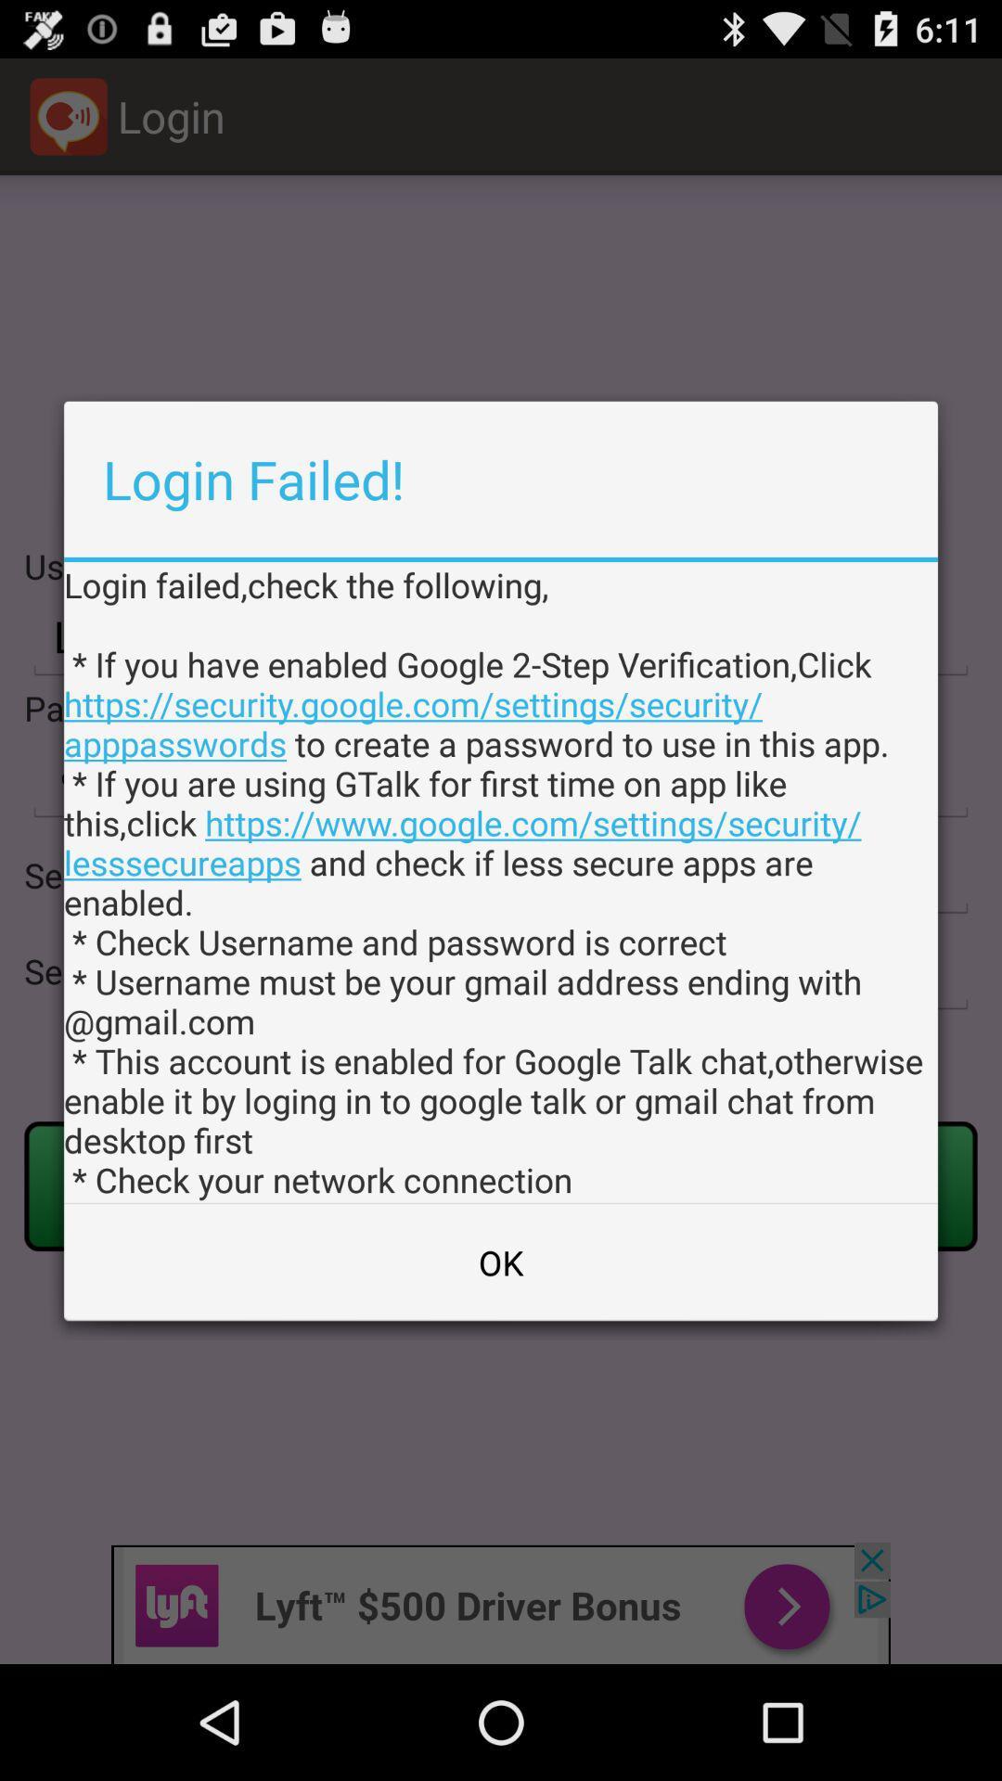 This screenshot has height=1781, width=1002. Describe the element at coordinates (501, 1262) in the screenshot. I see `ok item` at that location.